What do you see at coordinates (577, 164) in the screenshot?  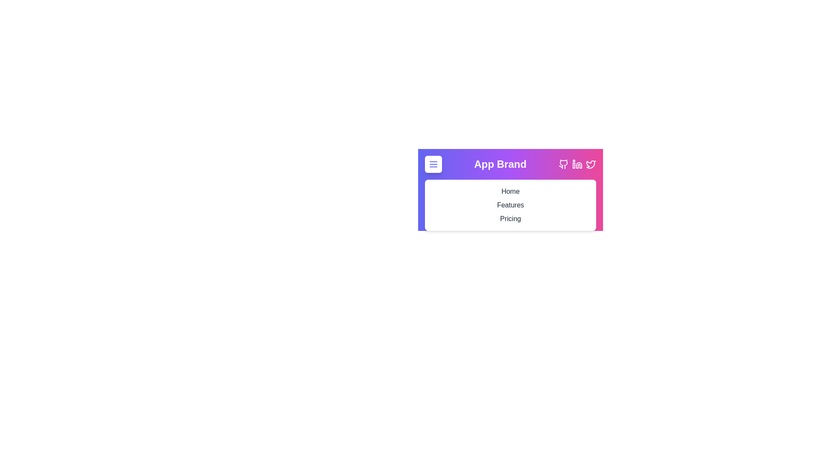 I see `the social media button for LinkedIn` at bounding box center [577, 164].